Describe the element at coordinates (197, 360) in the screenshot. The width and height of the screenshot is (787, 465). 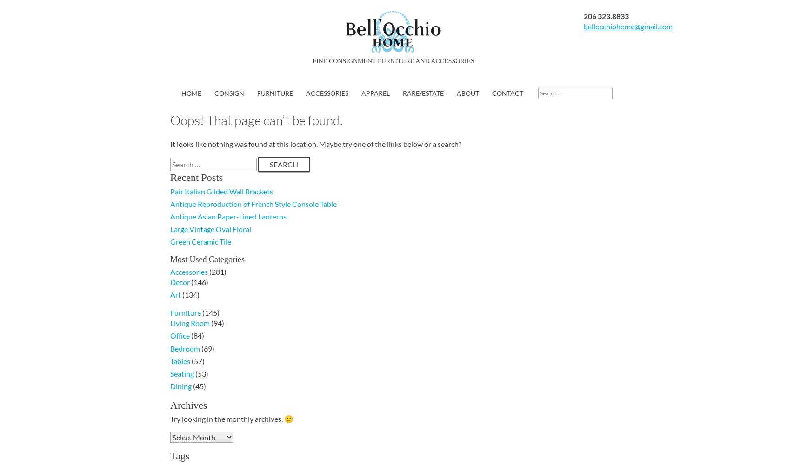
I see `'(57)'` at that location.